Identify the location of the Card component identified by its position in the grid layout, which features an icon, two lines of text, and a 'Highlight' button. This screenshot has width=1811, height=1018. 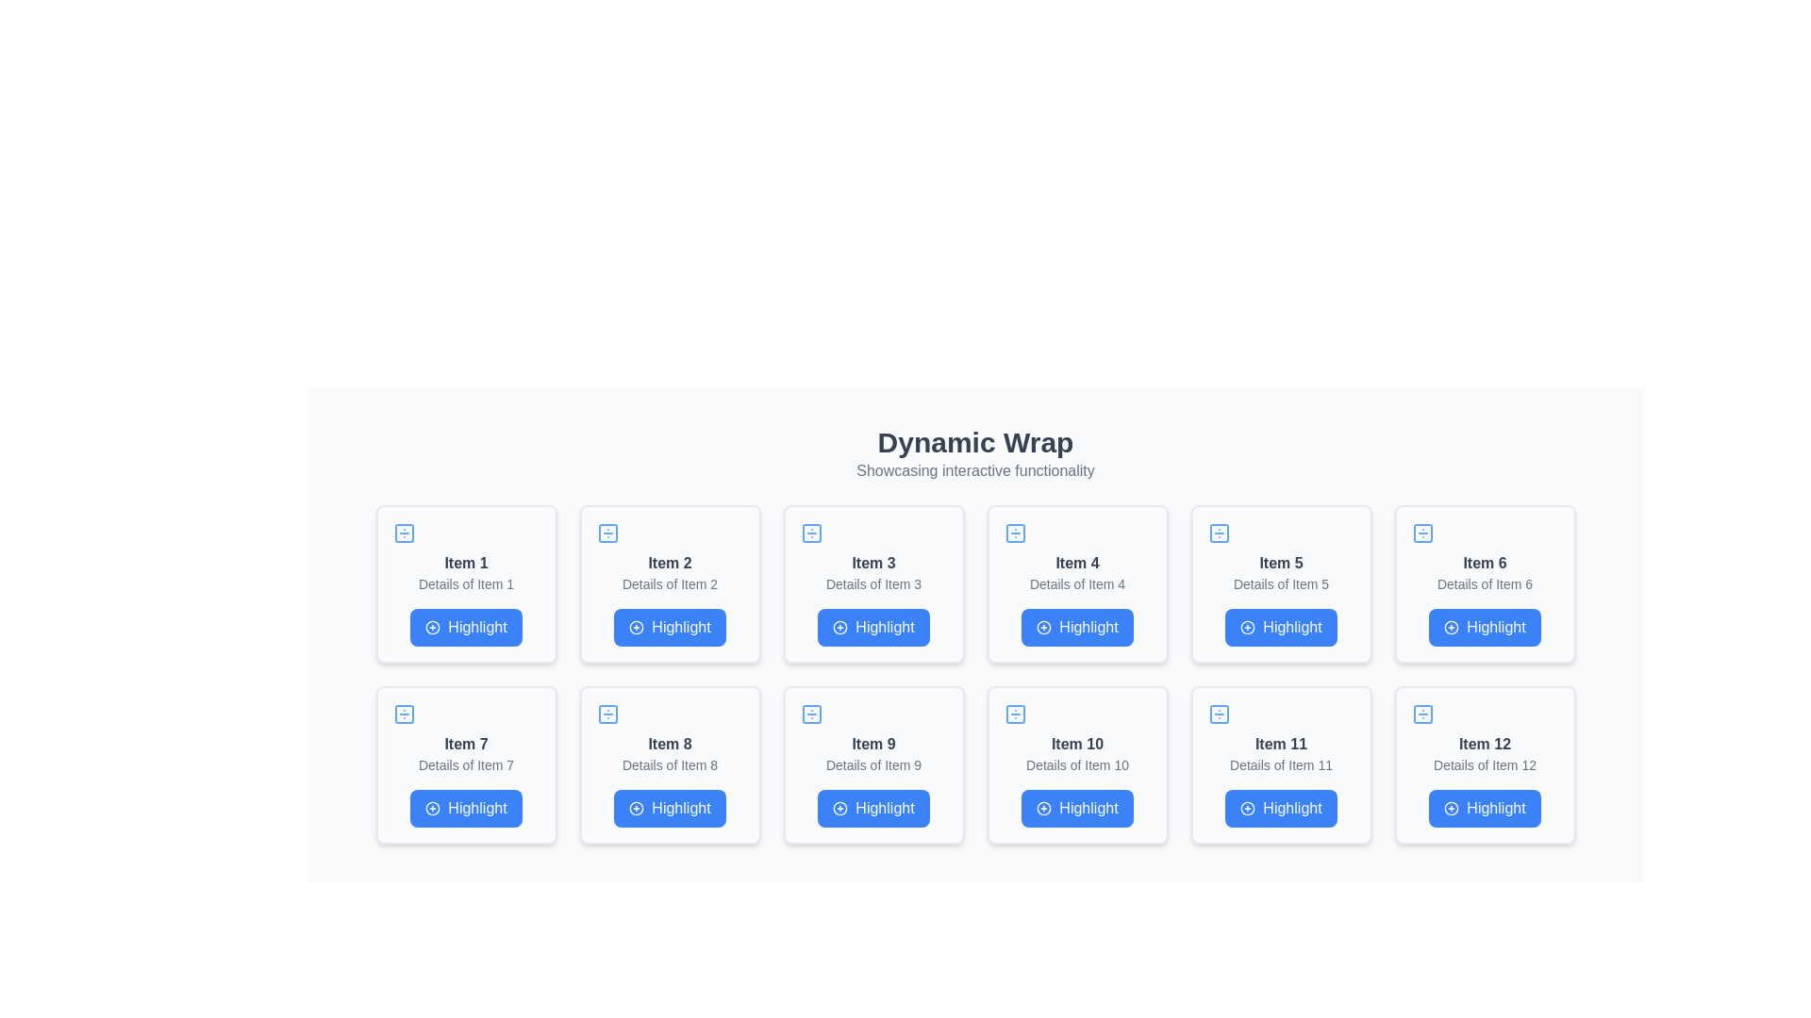
(670, 765).